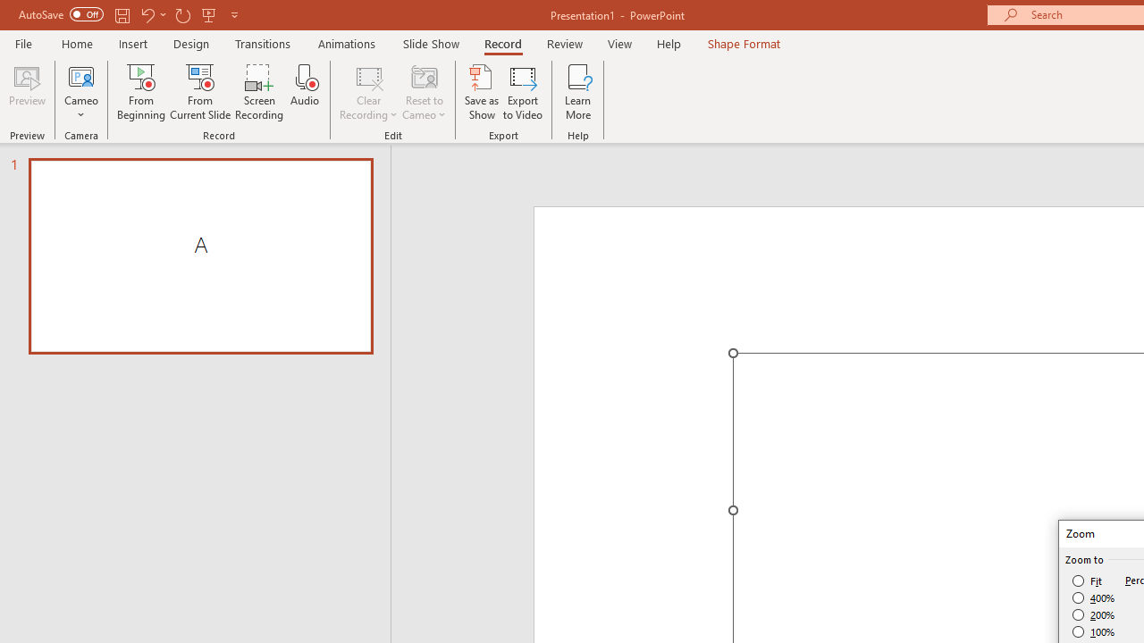 Image resolution: width=1144 pixels, height=643 pixels. What do you see at coordinates (578, 92) in the screenshot?
I see `'Learn More'` at bounding box center [578, 92].